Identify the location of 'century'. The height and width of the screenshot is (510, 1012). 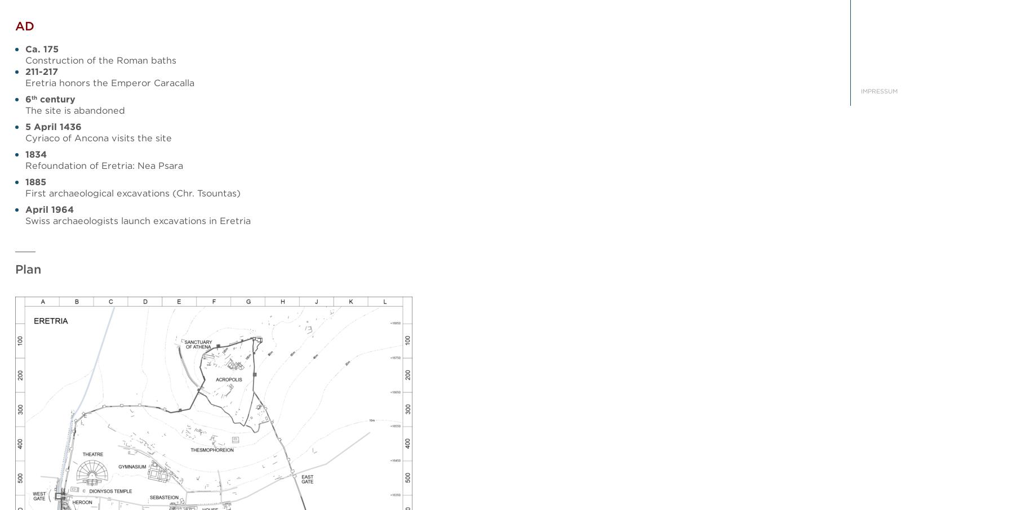
(56, 99).